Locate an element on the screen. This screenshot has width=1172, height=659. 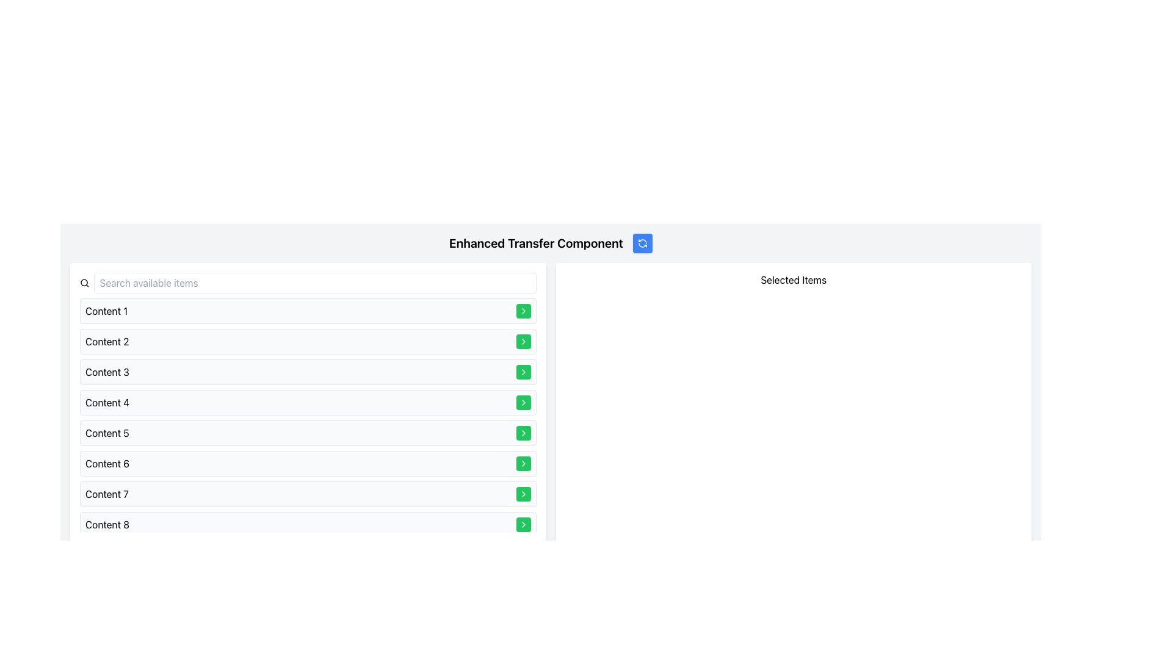
the distinct green button with a chevron icon located next to the label 'Content 1' for tooltip or visual feedback is located at coordinates (523, 310).